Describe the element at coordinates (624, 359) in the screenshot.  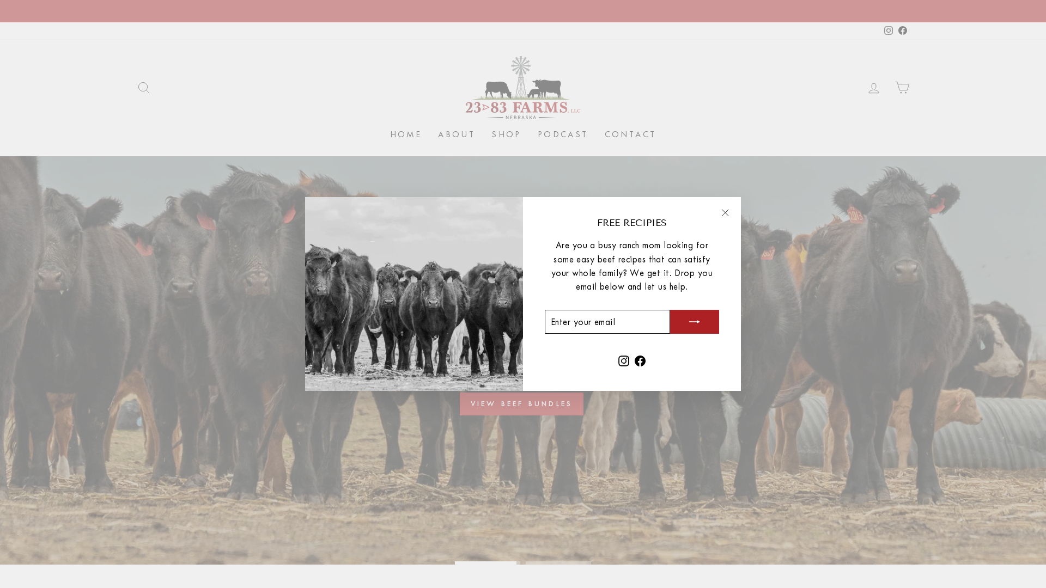
I see `'Instagram'` at that location.